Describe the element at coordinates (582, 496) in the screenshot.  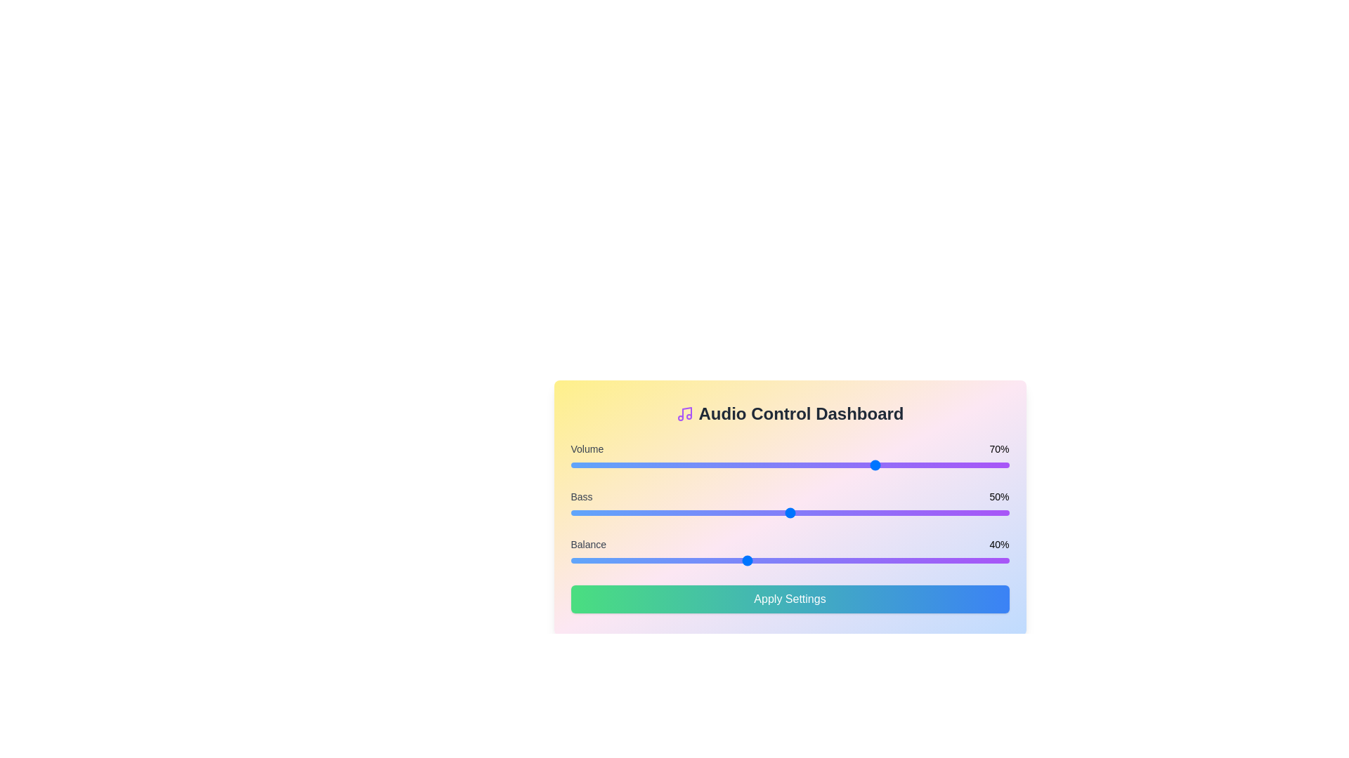
I see `the 'Bass' level text label located in the second section of the dashboard layout, positioned left of the 50% progress bar, under the 'Volume' section and above the 'Balance' section` at that location.